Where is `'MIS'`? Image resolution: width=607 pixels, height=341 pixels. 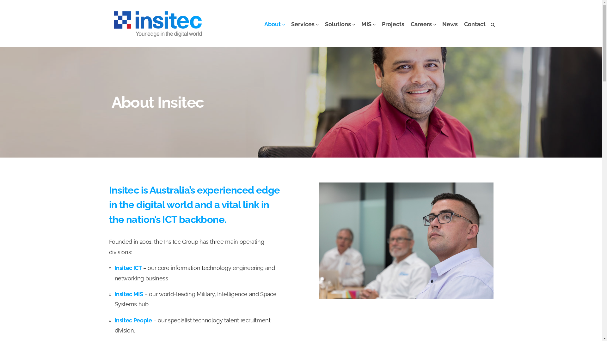
'MIS' is located at coordinates (368, 24).